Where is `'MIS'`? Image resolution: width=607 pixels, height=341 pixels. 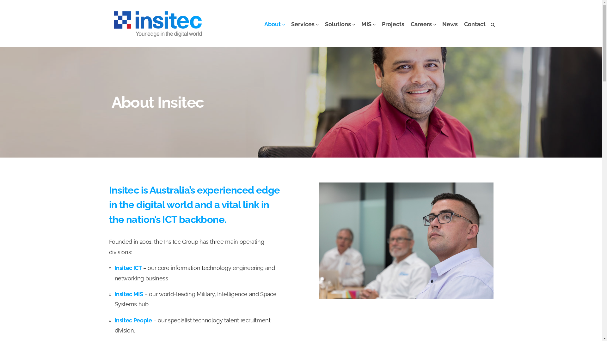
'MIS' is located at coordinates (368, 24).